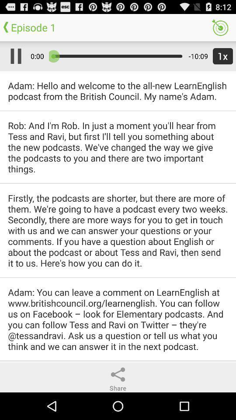 This screenshot has height=420, width=236. I want to click on the item to the right of the episode 1, so click(219, 27).